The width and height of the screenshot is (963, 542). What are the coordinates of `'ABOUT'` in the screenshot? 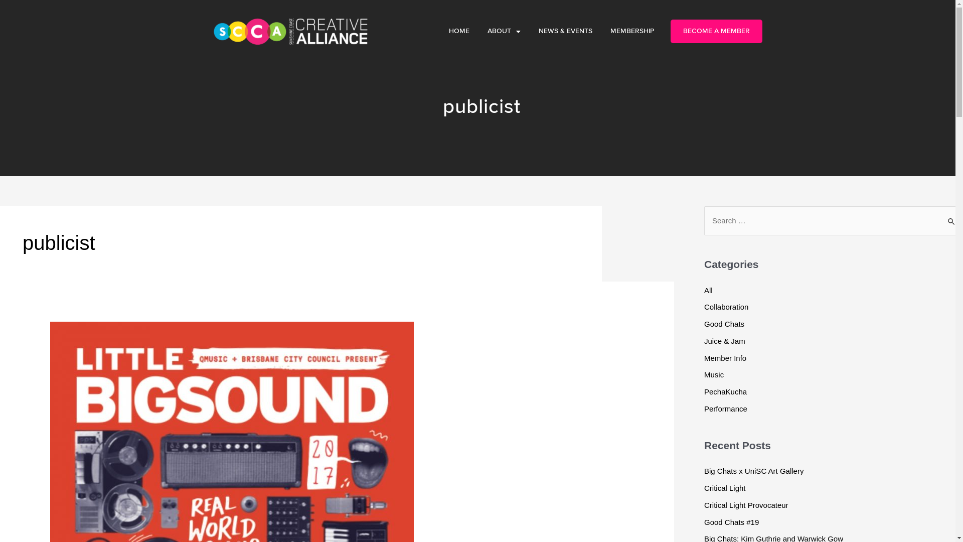 It's located at (478, 31).